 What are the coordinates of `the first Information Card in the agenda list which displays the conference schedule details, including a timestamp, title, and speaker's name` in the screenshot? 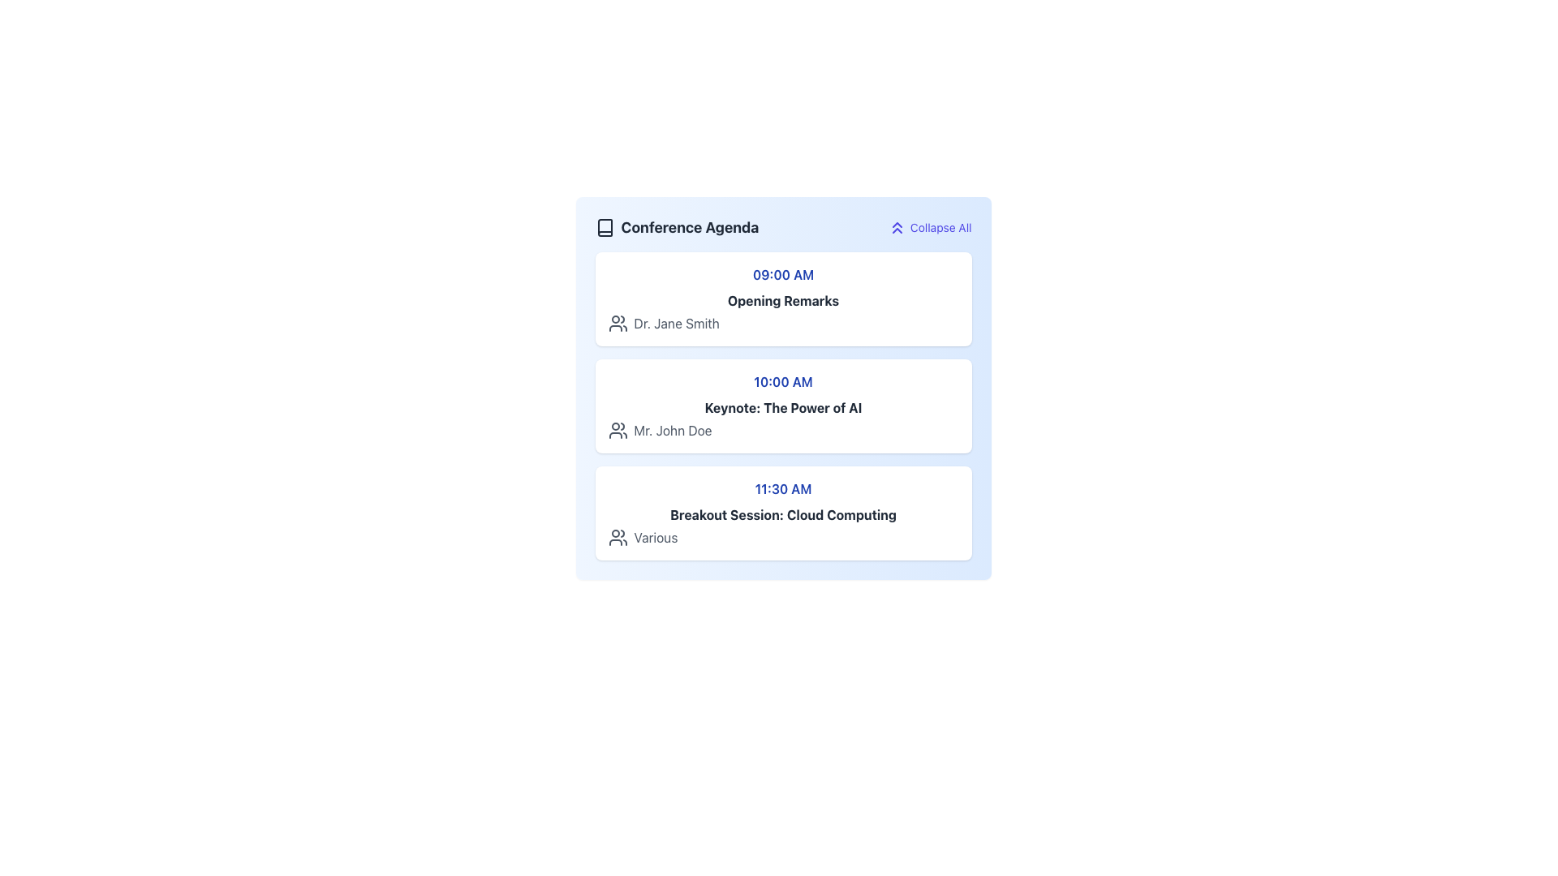 It's located at (783, 299).